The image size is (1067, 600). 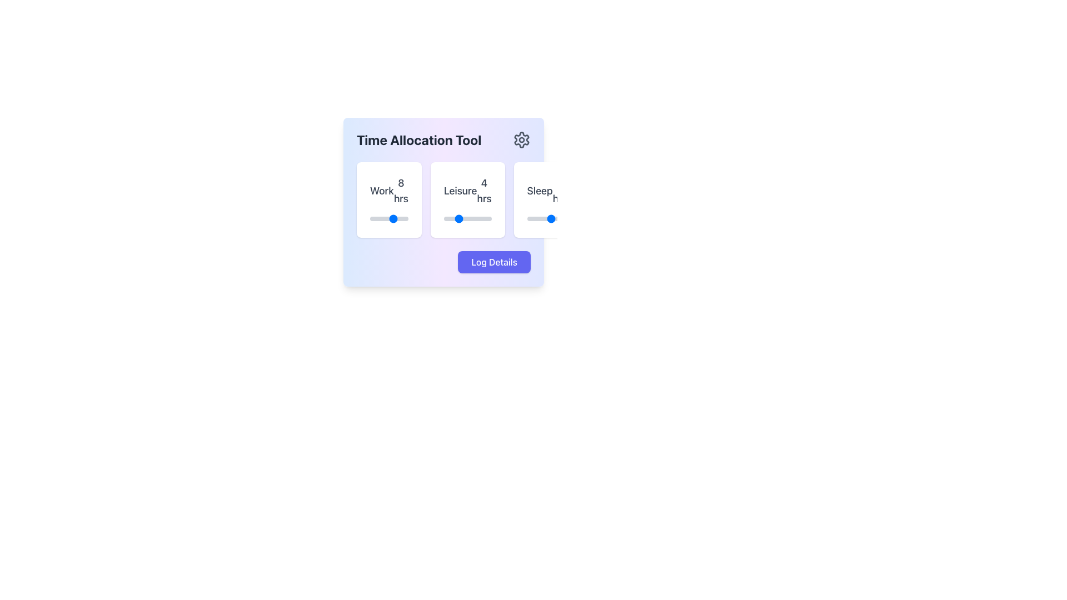 What do you see at coordinates (530, 218) in the screenshot?
I see `the sleep duration` at bounding box center [530, 218].